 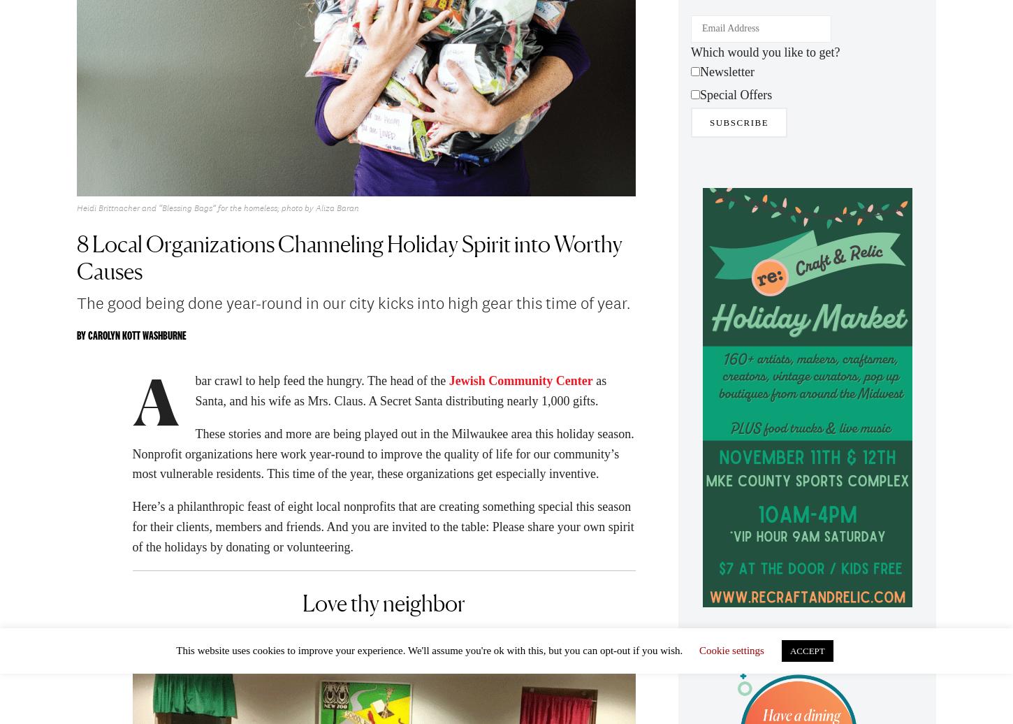 I want to click on 'Newsletter', so click(x=727, y=75).